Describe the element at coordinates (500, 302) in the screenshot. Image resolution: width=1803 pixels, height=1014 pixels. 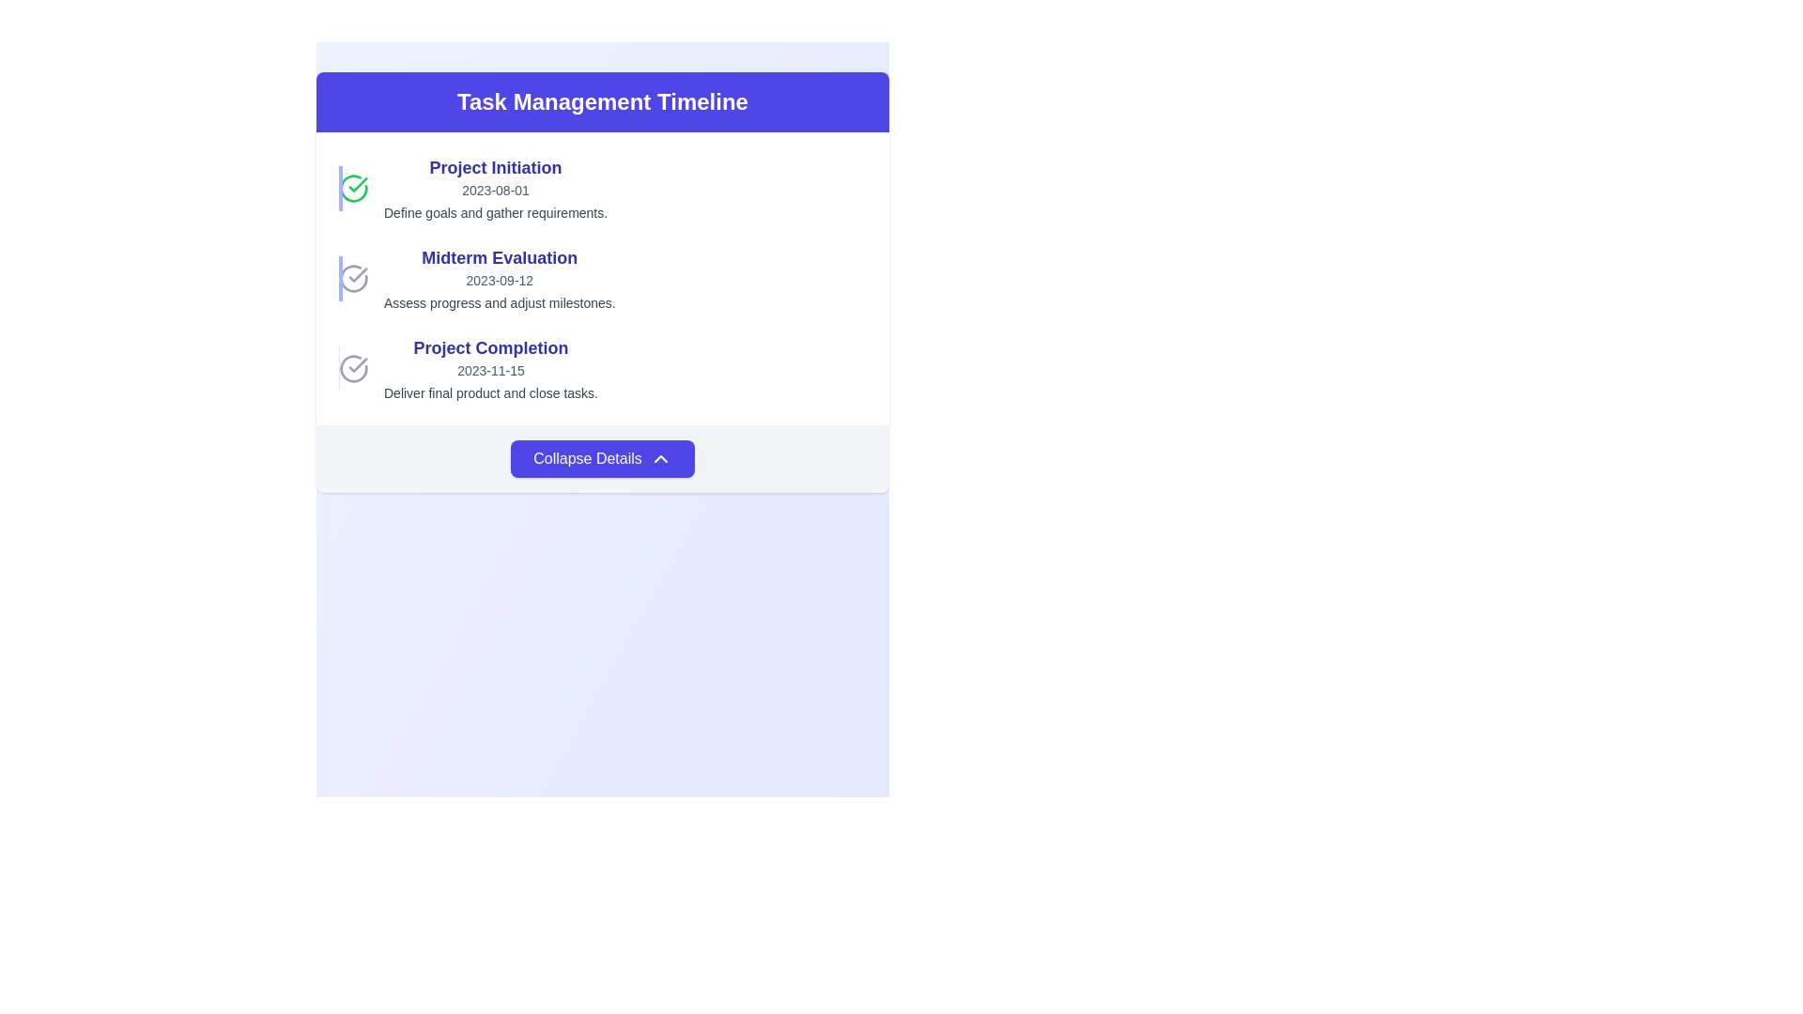
I see `the text element that displays detailed information related to the milestone 'Midterm Evaluation', positioned below the date '2023-09-12' within the timeline card` at that location.